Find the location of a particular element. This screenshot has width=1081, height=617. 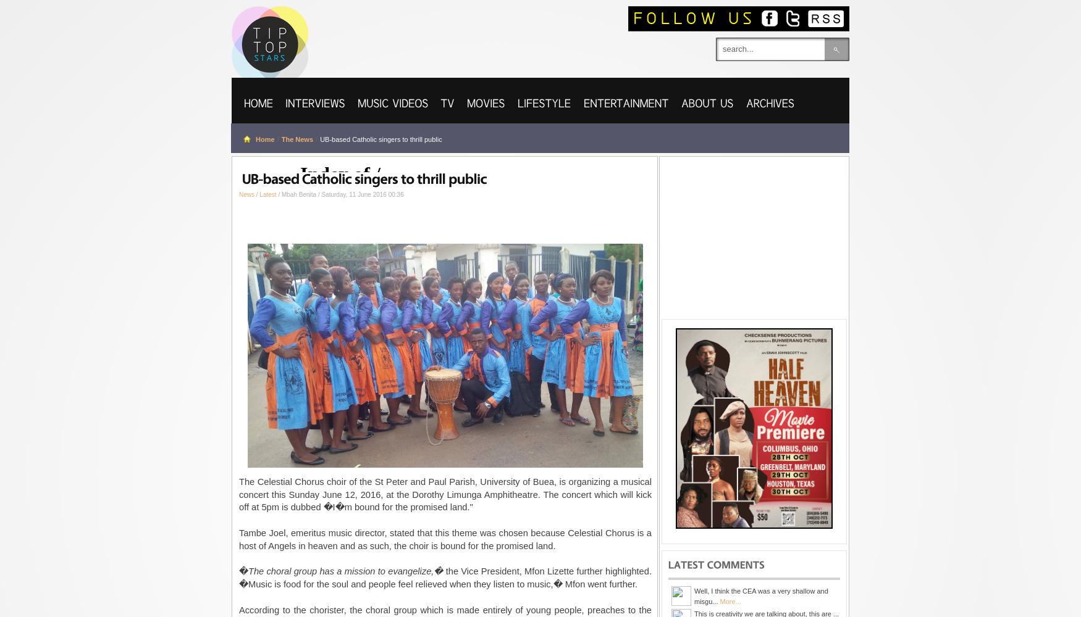

'Home' is located at coordinates (264, 139).